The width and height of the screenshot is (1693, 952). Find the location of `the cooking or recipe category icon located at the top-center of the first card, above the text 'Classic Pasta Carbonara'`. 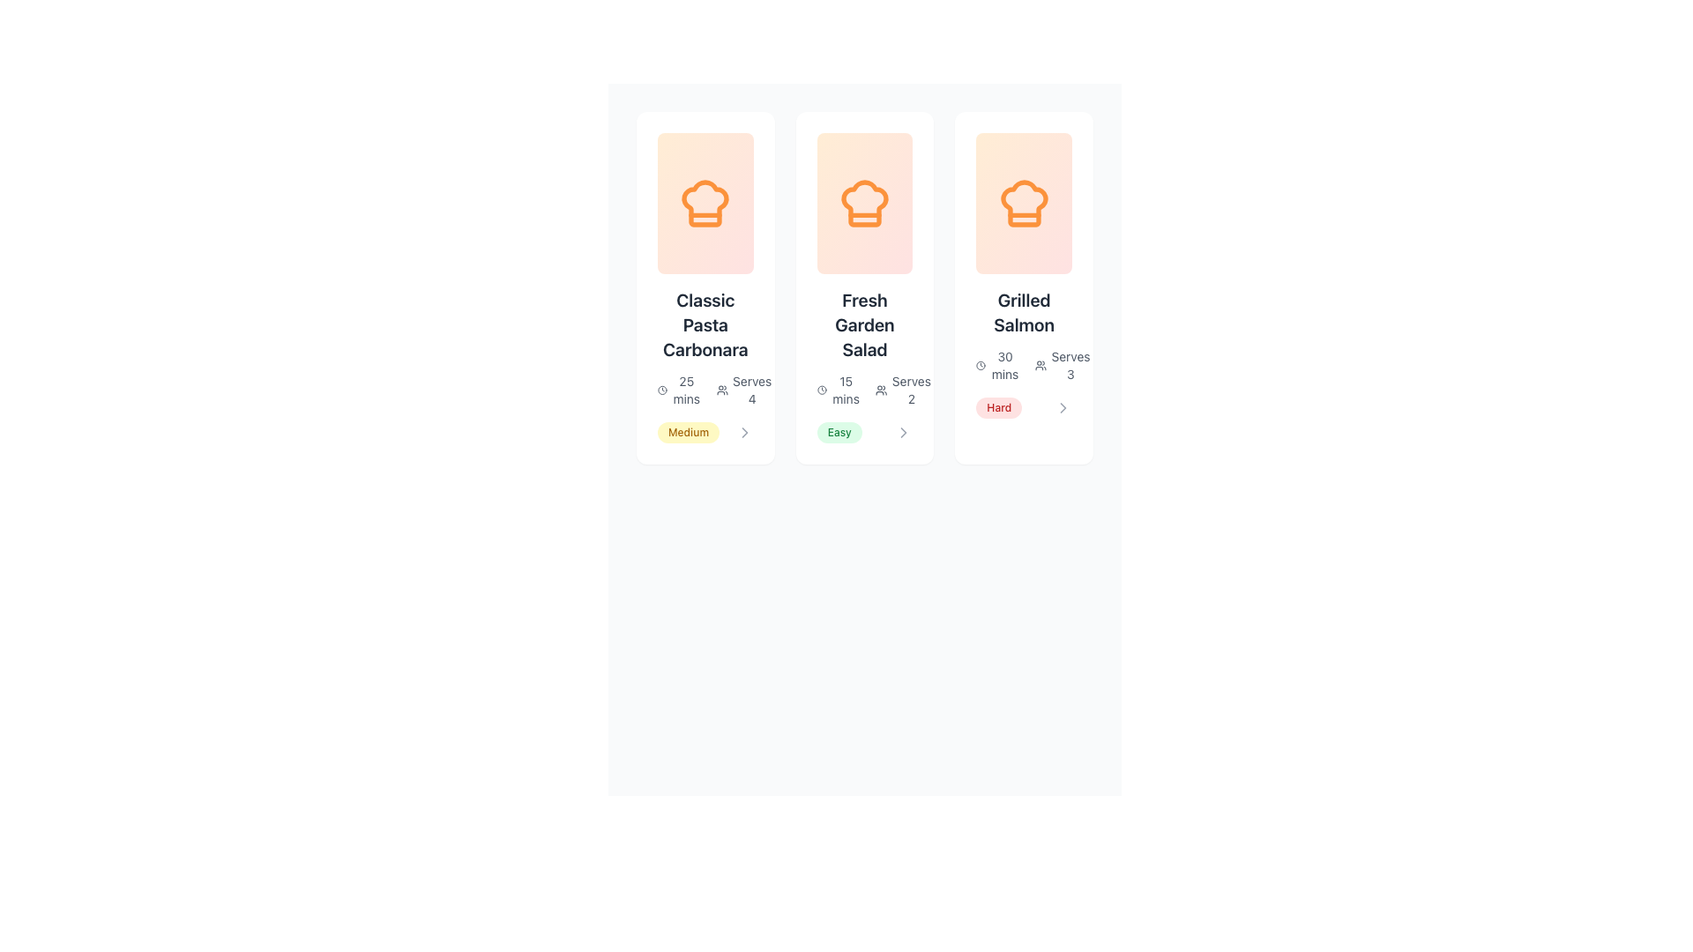

the cooking or recipe category icon located at the top-center of the first card, above the text 'Classic Pasta Carbonara' is located at coordinates (705, 203).